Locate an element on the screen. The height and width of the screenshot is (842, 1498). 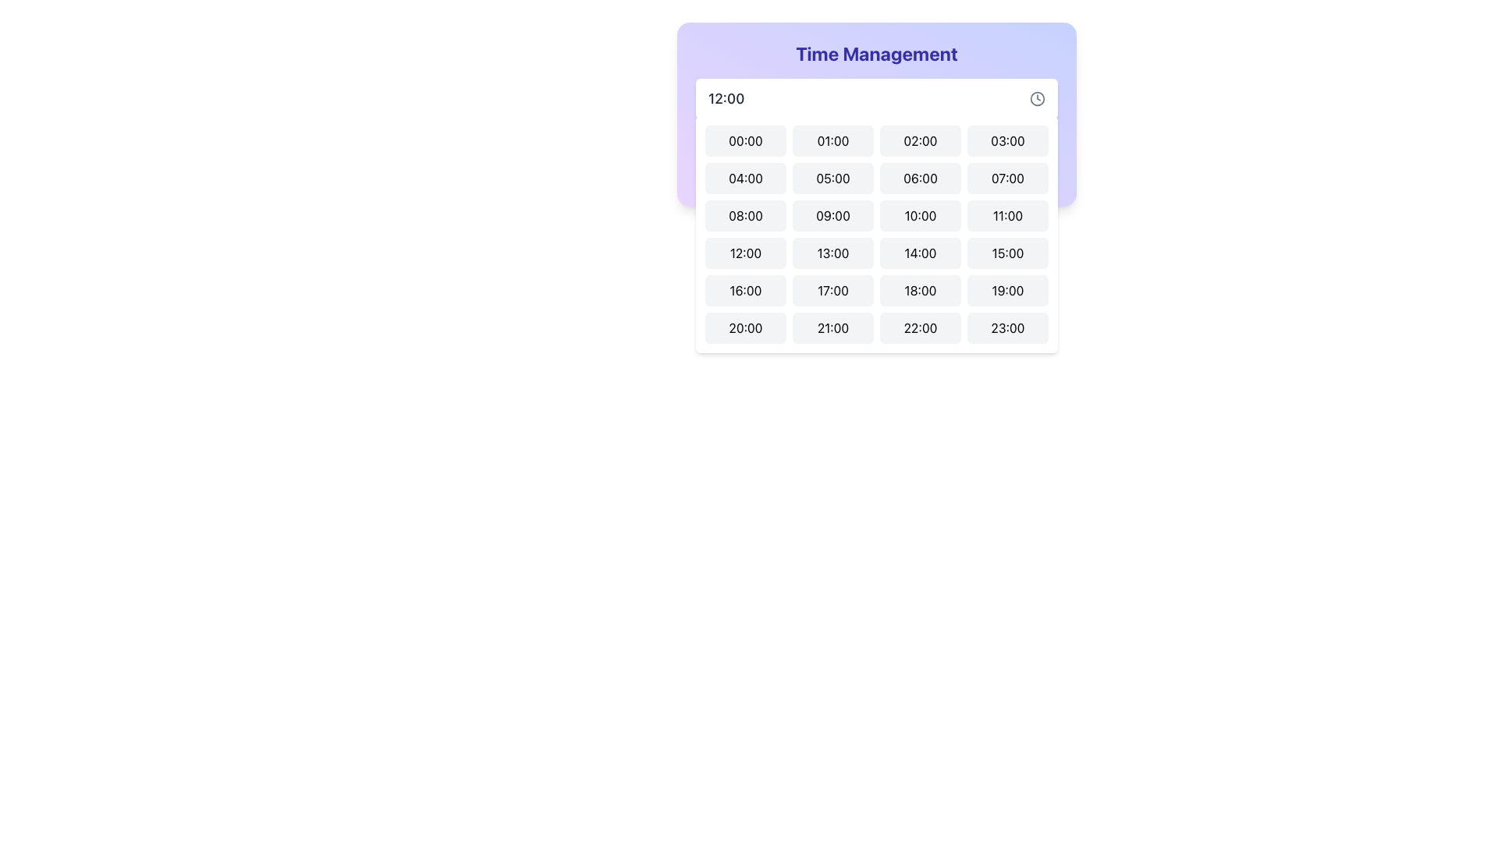
the button labeled '07:00' in the Time Management section is located at coordinates (1007, 177).